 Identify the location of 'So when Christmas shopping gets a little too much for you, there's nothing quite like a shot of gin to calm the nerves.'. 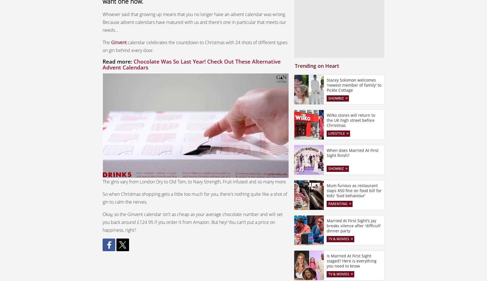
(195, 198).